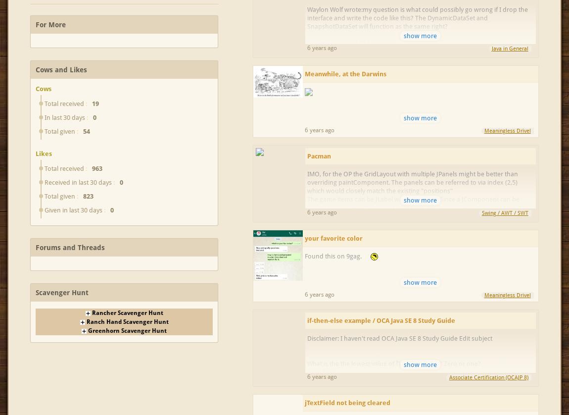  What do you see at coordinates (43, 153) in the screenshot?
I see `'Likes'` at bounding box center [43, 153].